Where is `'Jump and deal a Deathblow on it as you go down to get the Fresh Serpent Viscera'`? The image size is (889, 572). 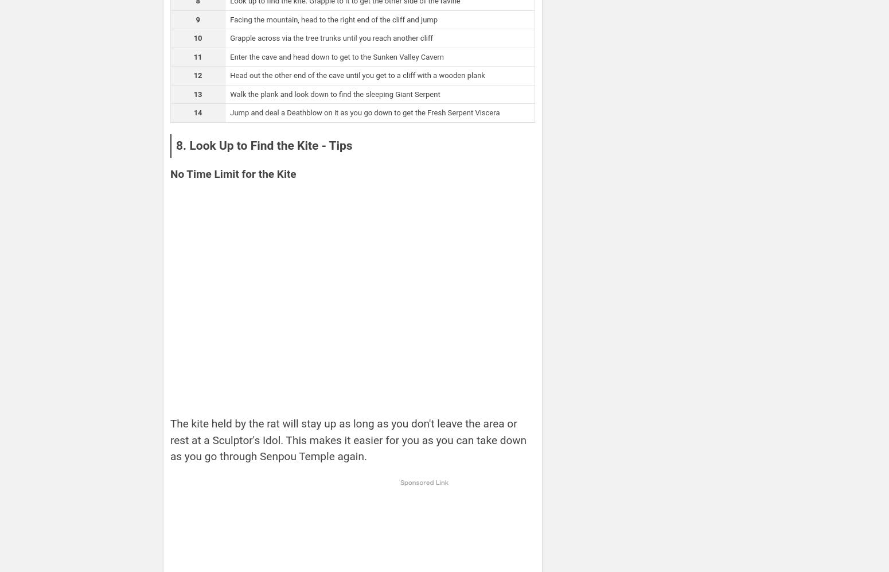
'Jump and deal a Deathblow on it as you go down to get the Fresh Serpent Viscera' is located at coordinates (229, 112).